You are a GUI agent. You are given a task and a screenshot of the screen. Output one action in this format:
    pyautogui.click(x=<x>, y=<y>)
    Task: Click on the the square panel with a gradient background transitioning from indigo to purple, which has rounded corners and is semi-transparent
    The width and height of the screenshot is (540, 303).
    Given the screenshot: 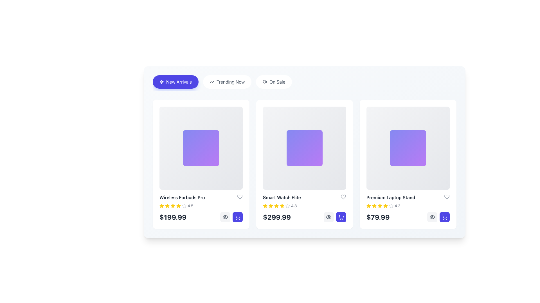 What is the action you would take?
    pyautogui.click(x=201, y=148)
    